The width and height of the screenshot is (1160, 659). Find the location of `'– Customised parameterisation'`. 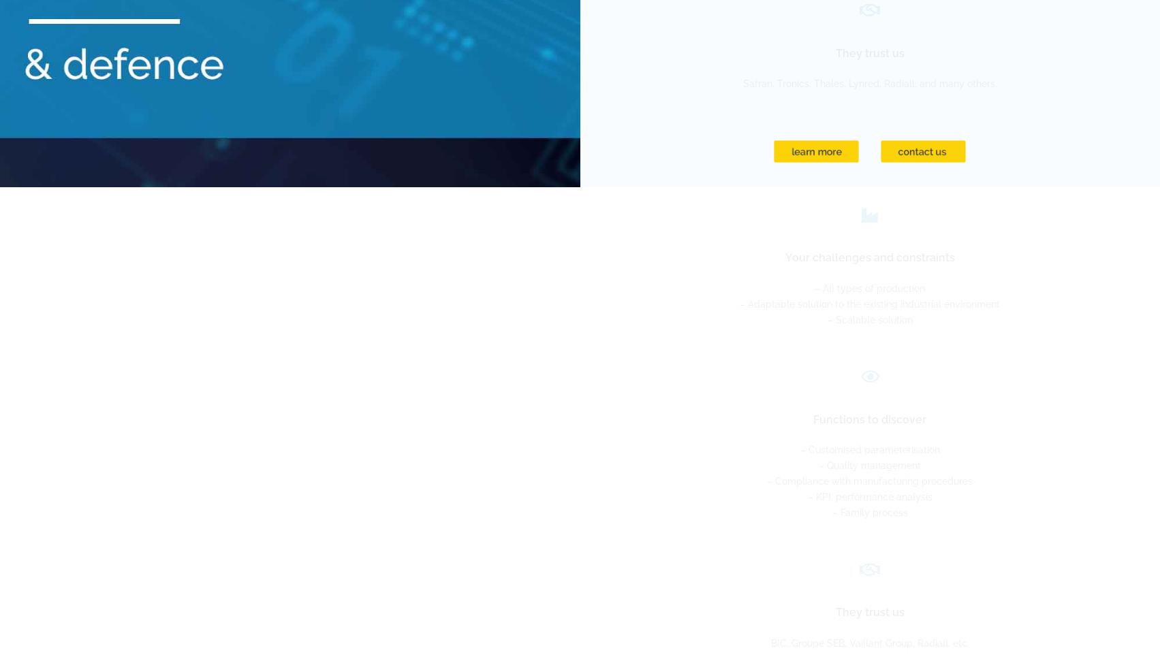

'– Customised parameterisation' is located at coordinates (800, 450).